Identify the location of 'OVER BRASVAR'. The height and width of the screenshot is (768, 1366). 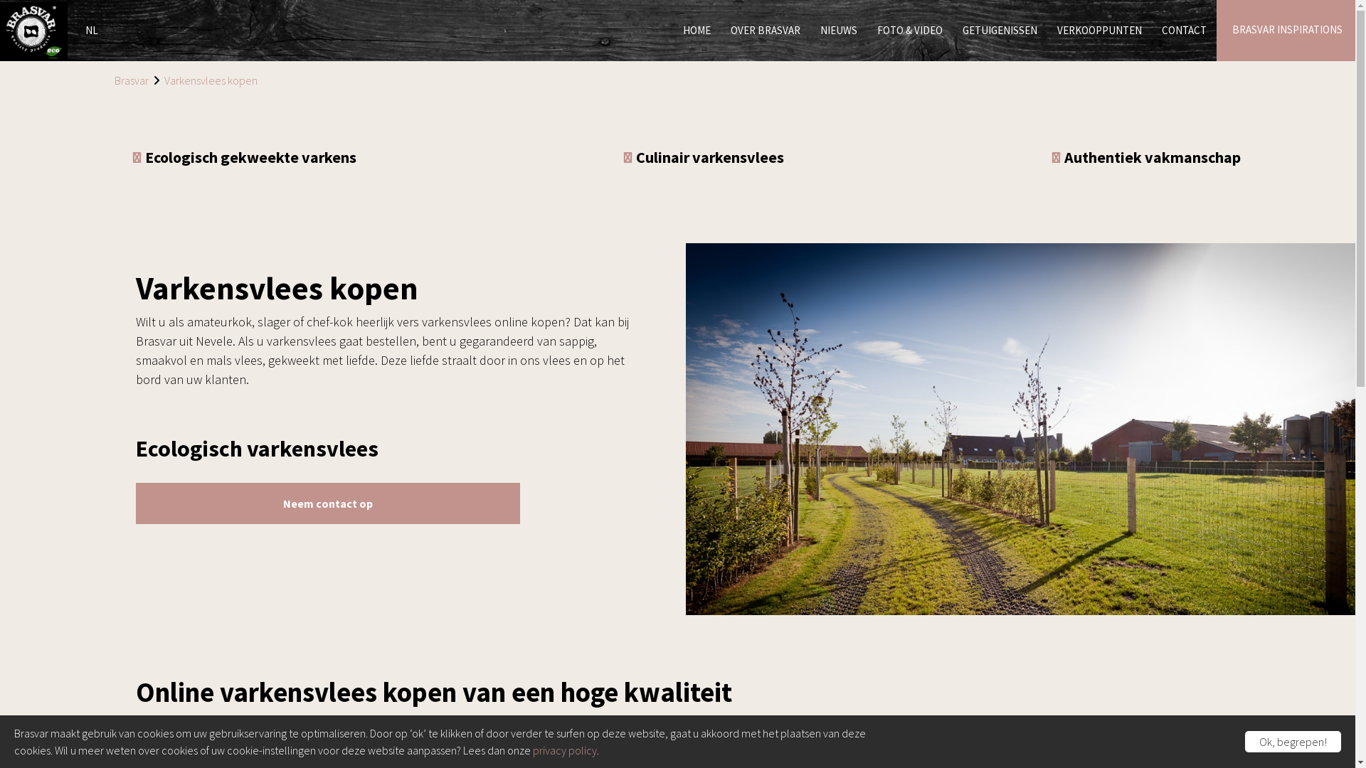
(764, 31).